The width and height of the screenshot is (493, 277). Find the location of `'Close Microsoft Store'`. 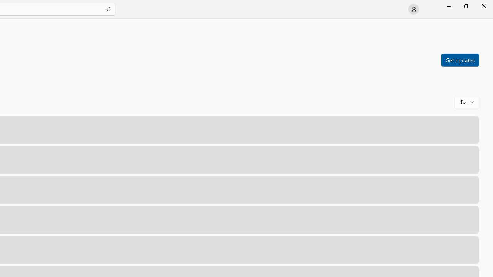

'Close Microsoft Store' is located at coordinates (483, 6).